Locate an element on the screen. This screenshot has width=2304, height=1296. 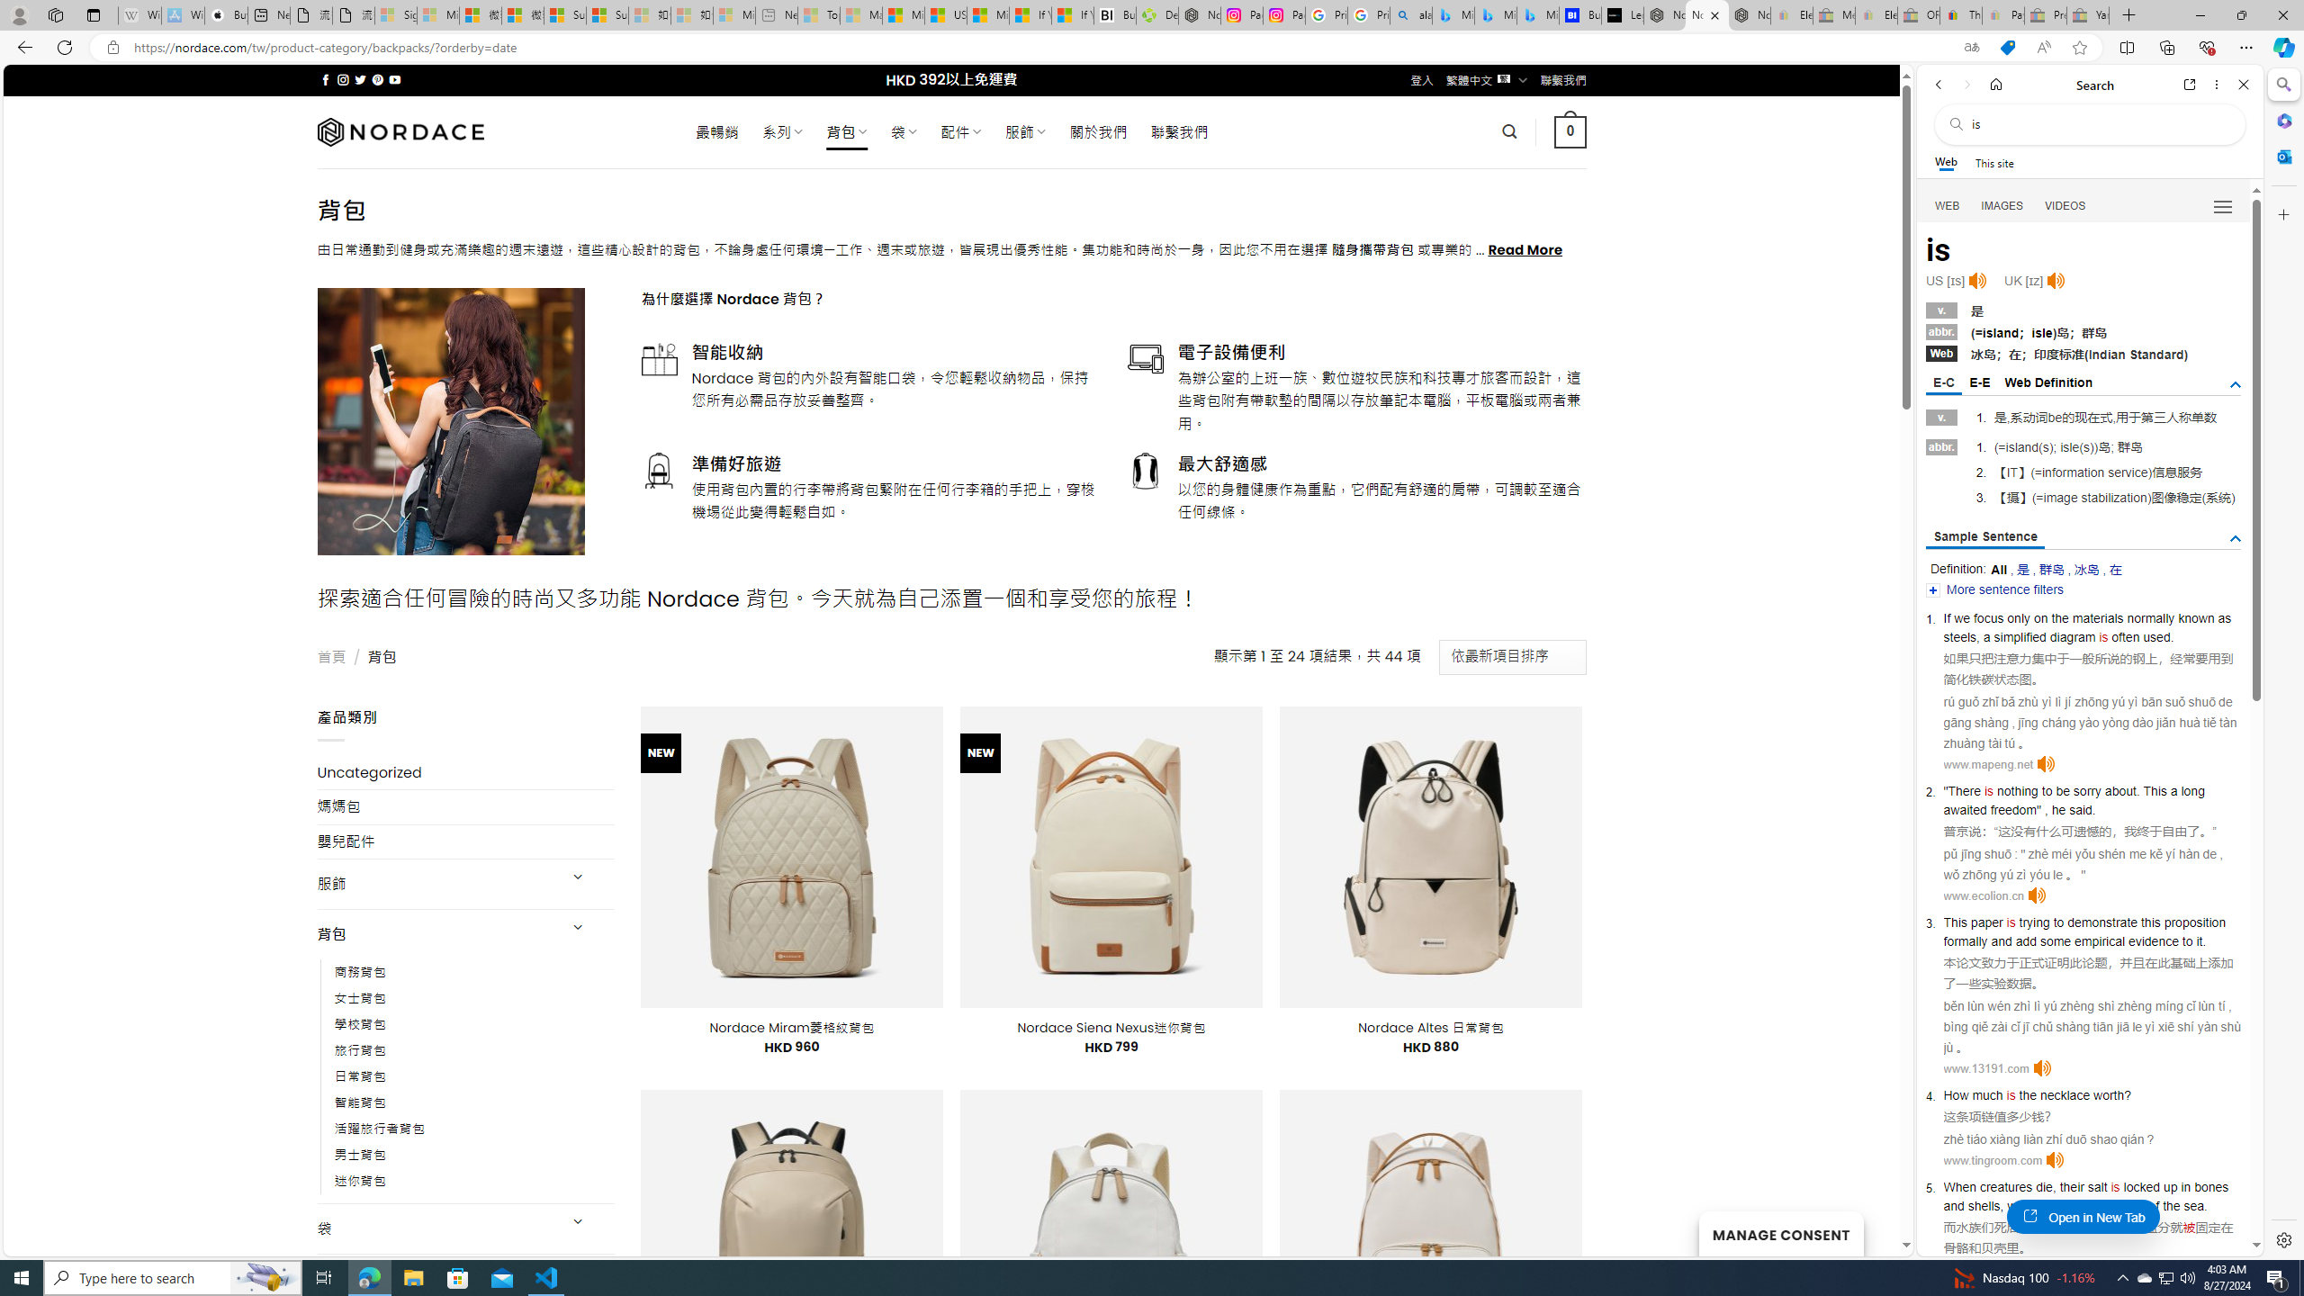
'WEB' is located at coordinates (1948, 206).